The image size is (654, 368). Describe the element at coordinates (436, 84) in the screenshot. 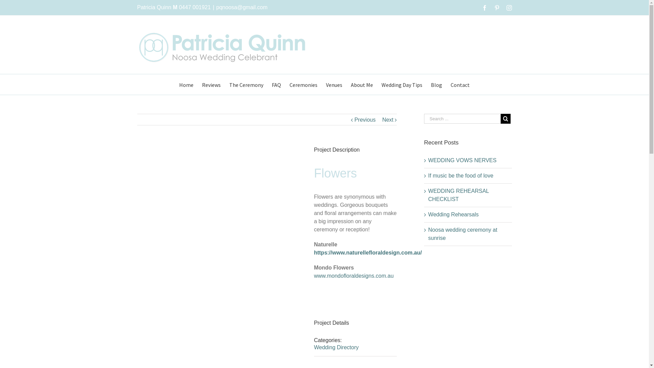

I see `'Blog'` at that location.